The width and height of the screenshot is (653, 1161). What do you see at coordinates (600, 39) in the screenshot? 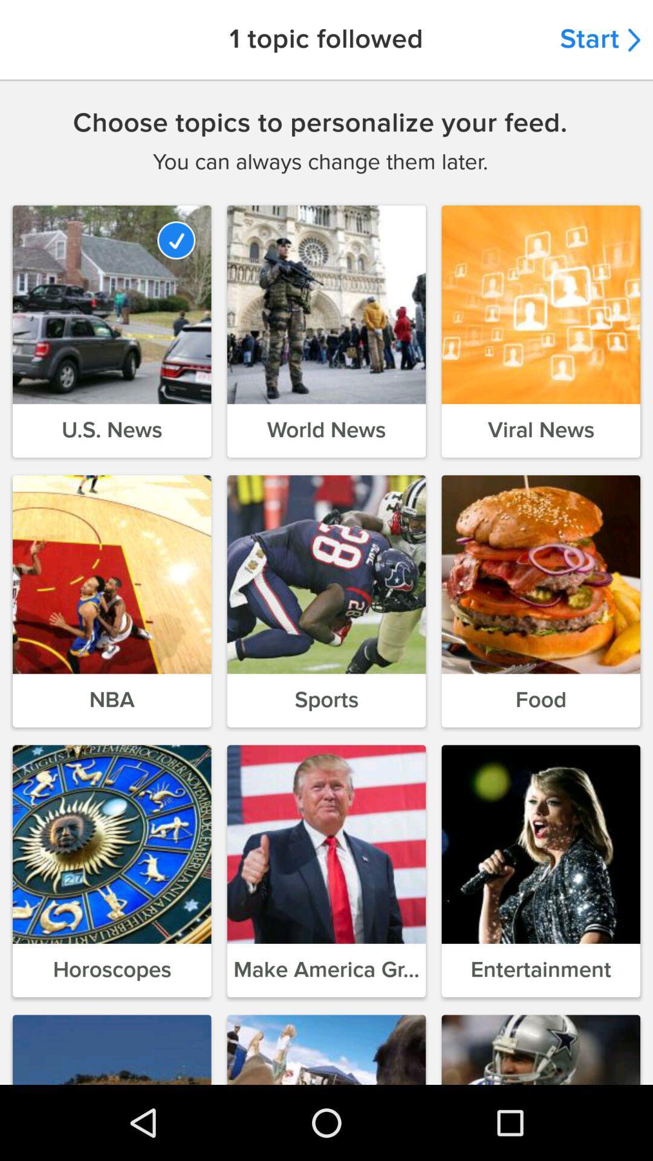
I see `the item to the right of the 1 topic followed` at bounding box center [600, 39].